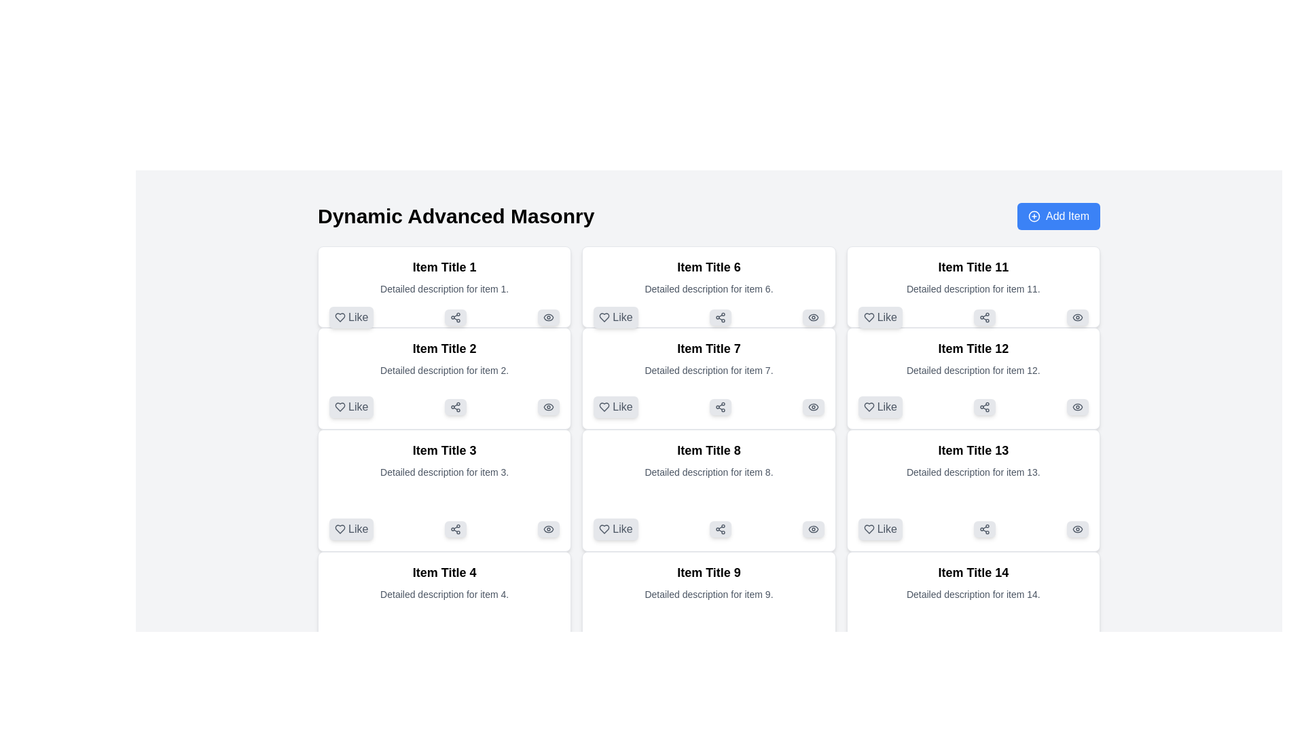 Image resolution: width=1304 pixels, height=733 pixels. Describe the element at coordinates (615, 528) in the screenshot. I see `the 'Like' button located in the bottom-left corner of 'Item Title 8'` at that location.